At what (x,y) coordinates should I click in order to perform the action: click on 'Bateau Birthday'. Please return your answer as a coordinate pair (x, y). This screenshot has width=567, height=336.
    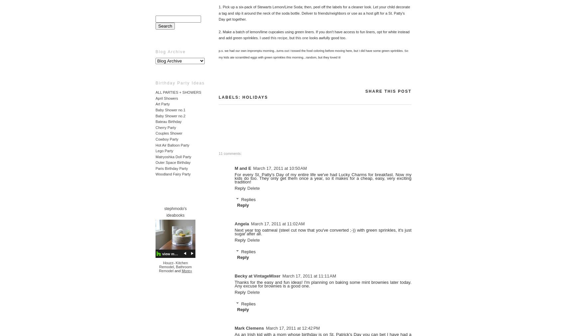
    Looking at the image, I should click on (168, 121).